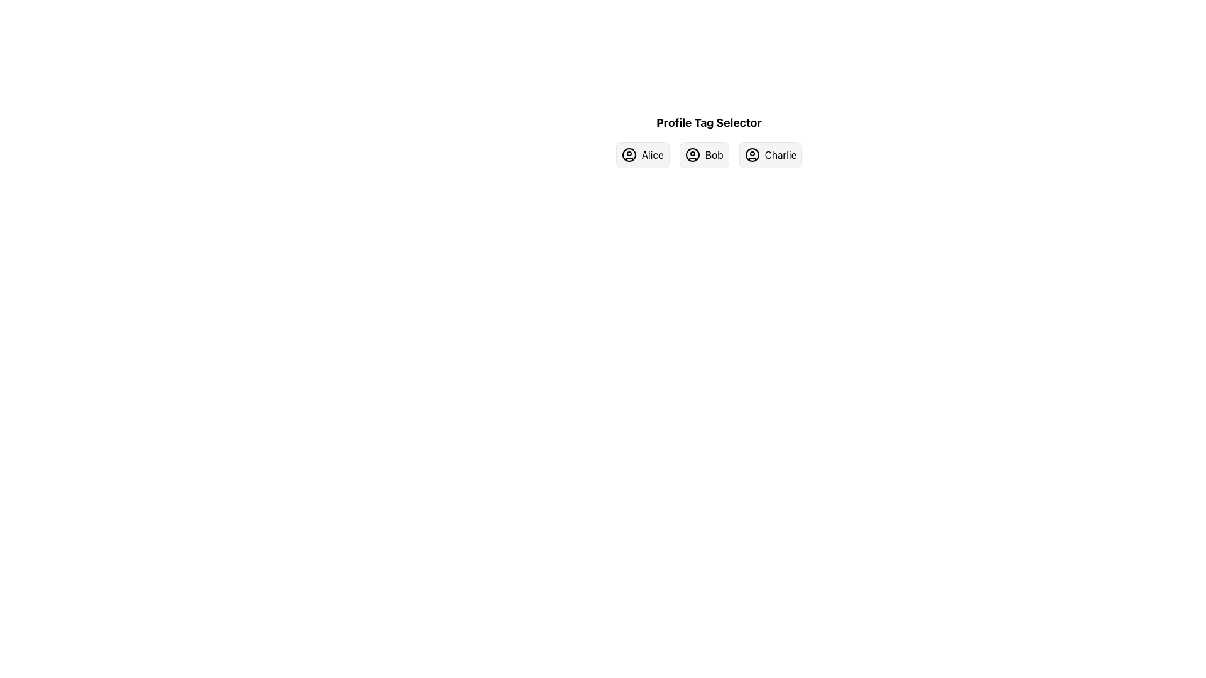 The image size is (1206, 678). Describe the element at coordinates (692, 154) in the screenshot. I see `the enclosing 'Bob' button in the 'Profile Tag Selector' section, which features a circular outline representing a user profile icon` at that location.